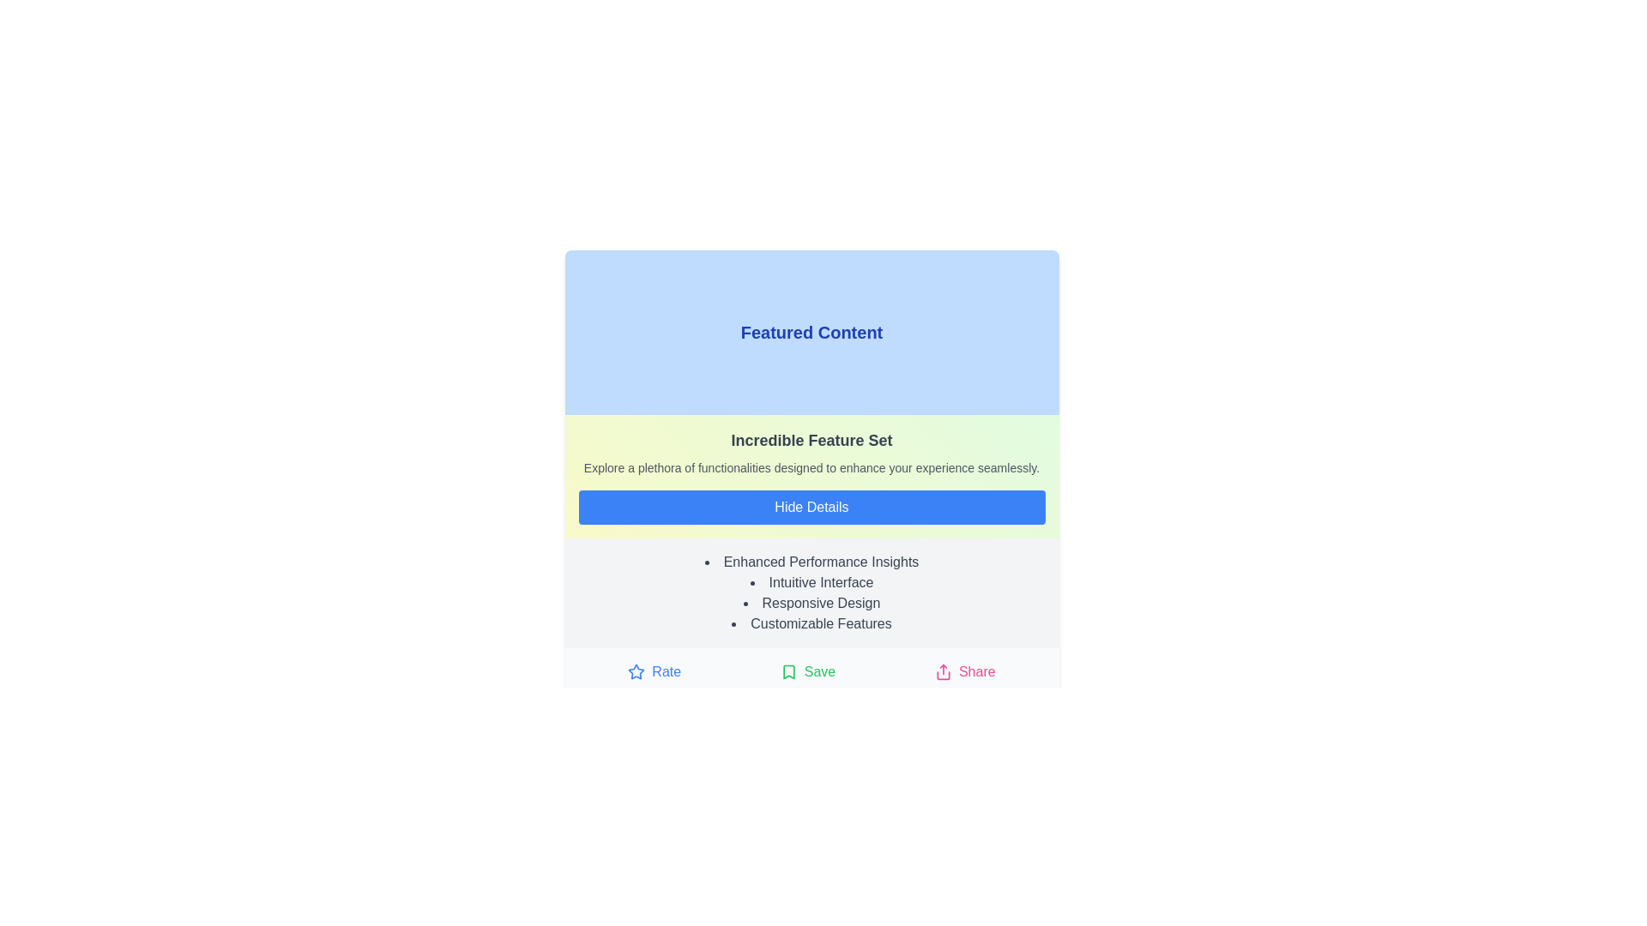 The height and width of the screenshot is (926, 1647). Describe the element at coordinates (811, 581) in the screenshot. I see `the text label displaying 'Intuitive Interface', which is the second item in a bullet-pointed list located below the 'Hide Details' button` at that location.